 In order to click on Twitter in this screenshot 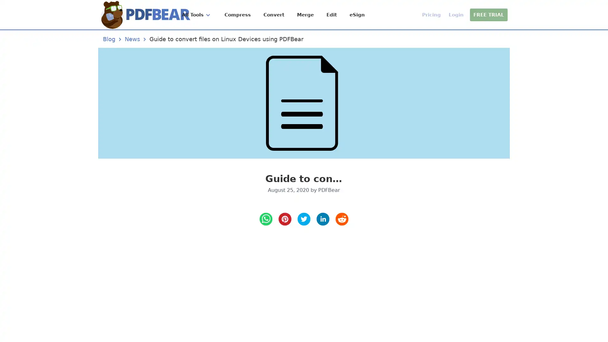, I will do `click(304, 218)`.